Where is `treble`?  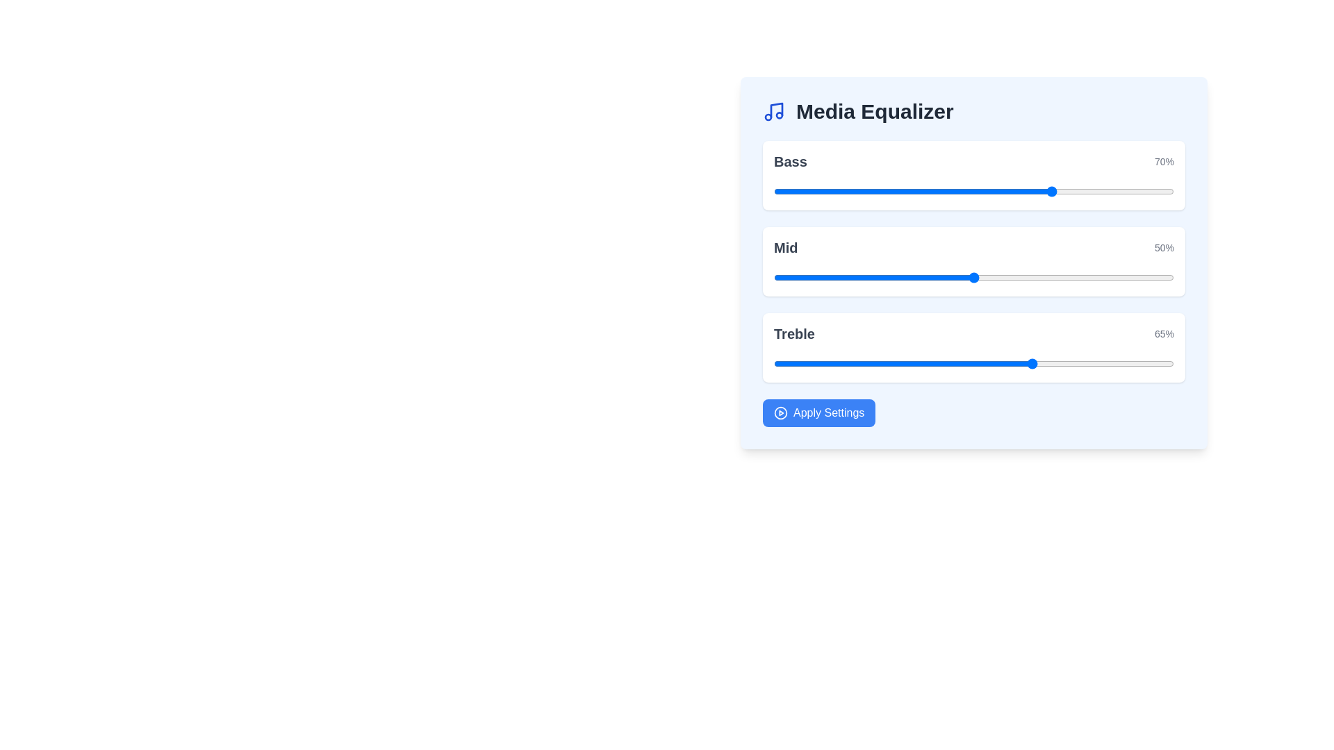
treble is located at coordinates (1134, 363).